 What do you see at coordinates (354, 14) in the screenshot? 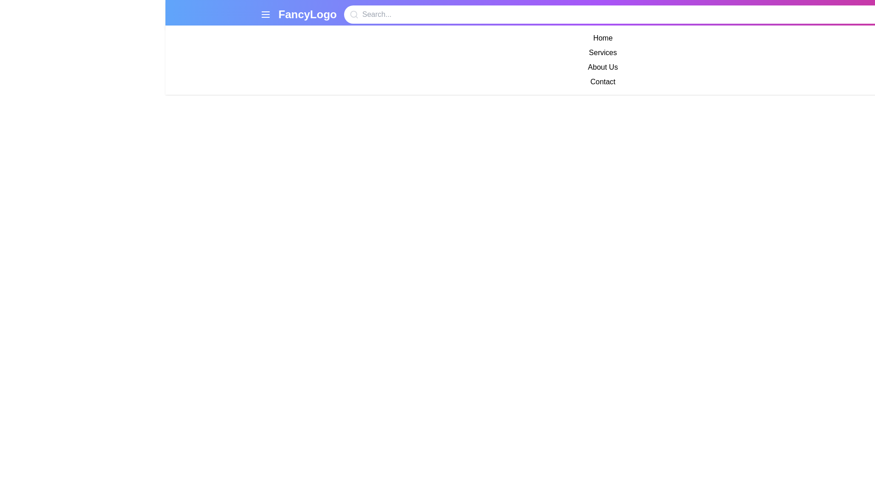
I see `the gray magnifying glass icon at the beginning of the search bar to focus the search bar` at bounding box center [354, 14].